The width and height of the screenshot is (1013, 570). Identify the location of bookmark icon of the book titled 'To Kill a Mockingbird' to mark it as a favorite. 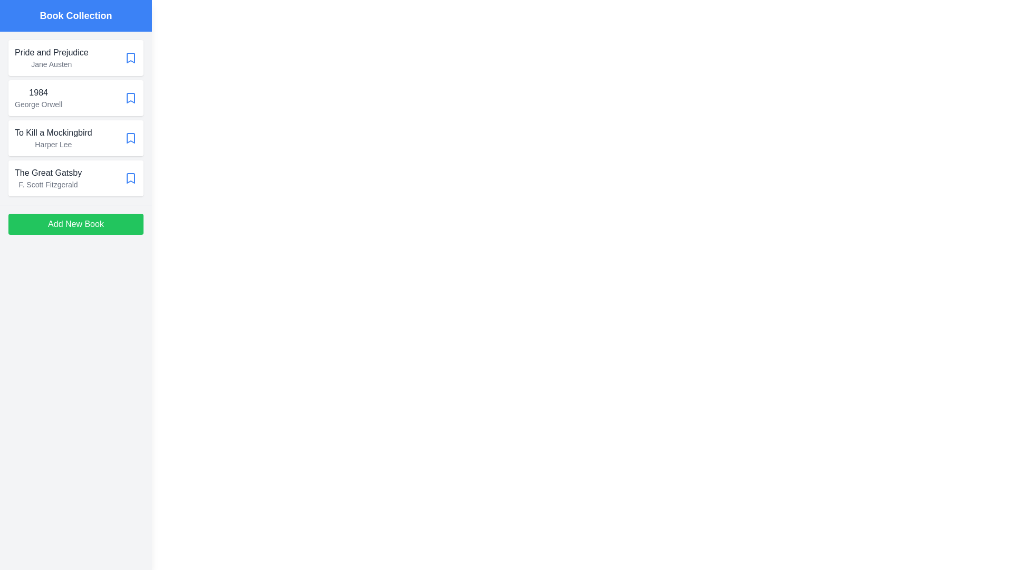
(130, 138).